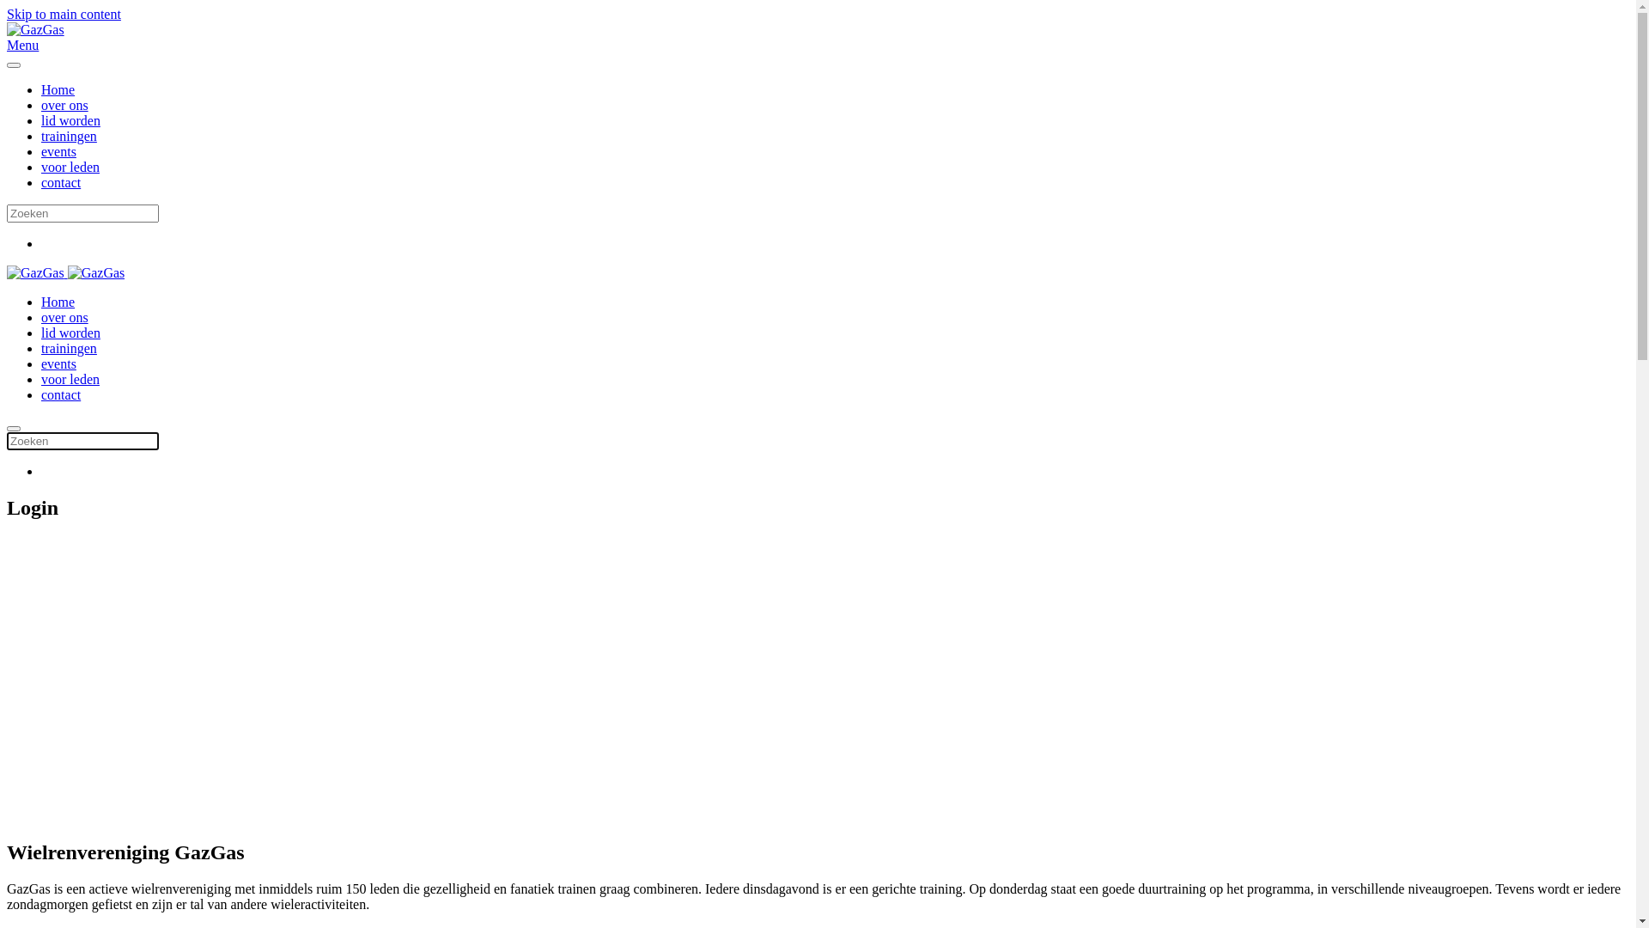  Describe the element at coordinates (817, 45) in the screenshot. I see `'Menu'` at that location.